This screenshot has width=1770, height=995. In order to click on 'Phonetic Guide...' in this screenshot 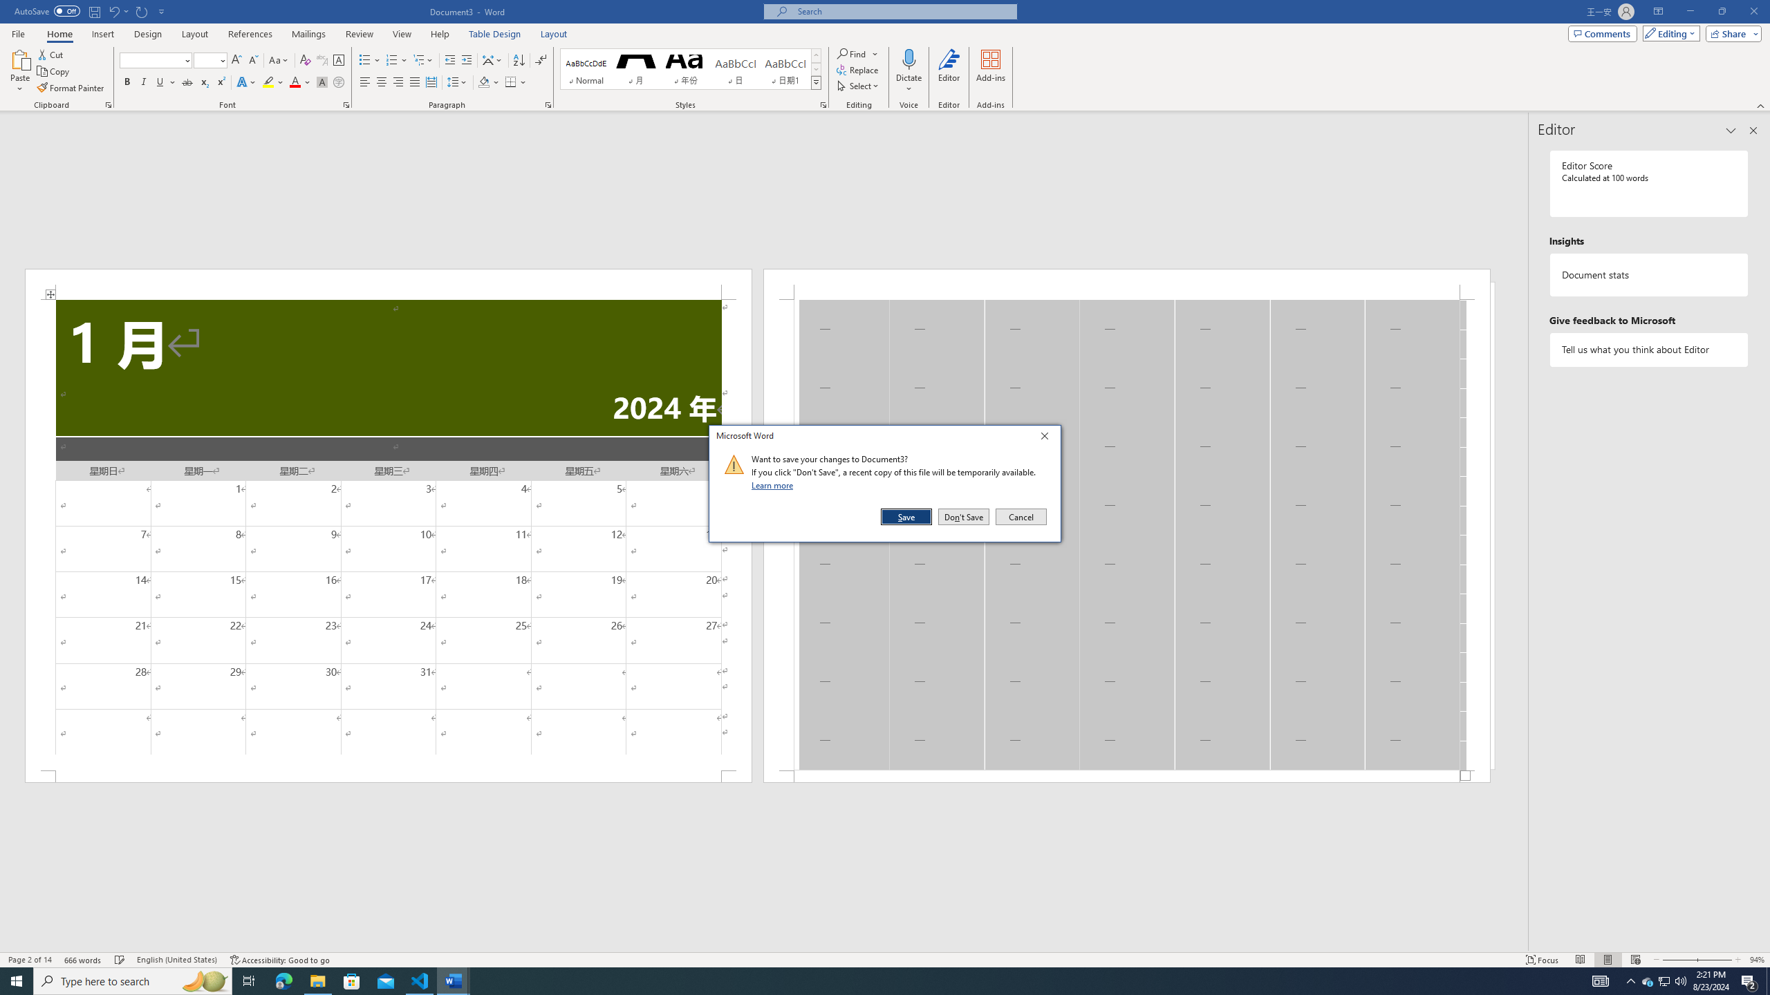, I will do `click(321, 60)`.